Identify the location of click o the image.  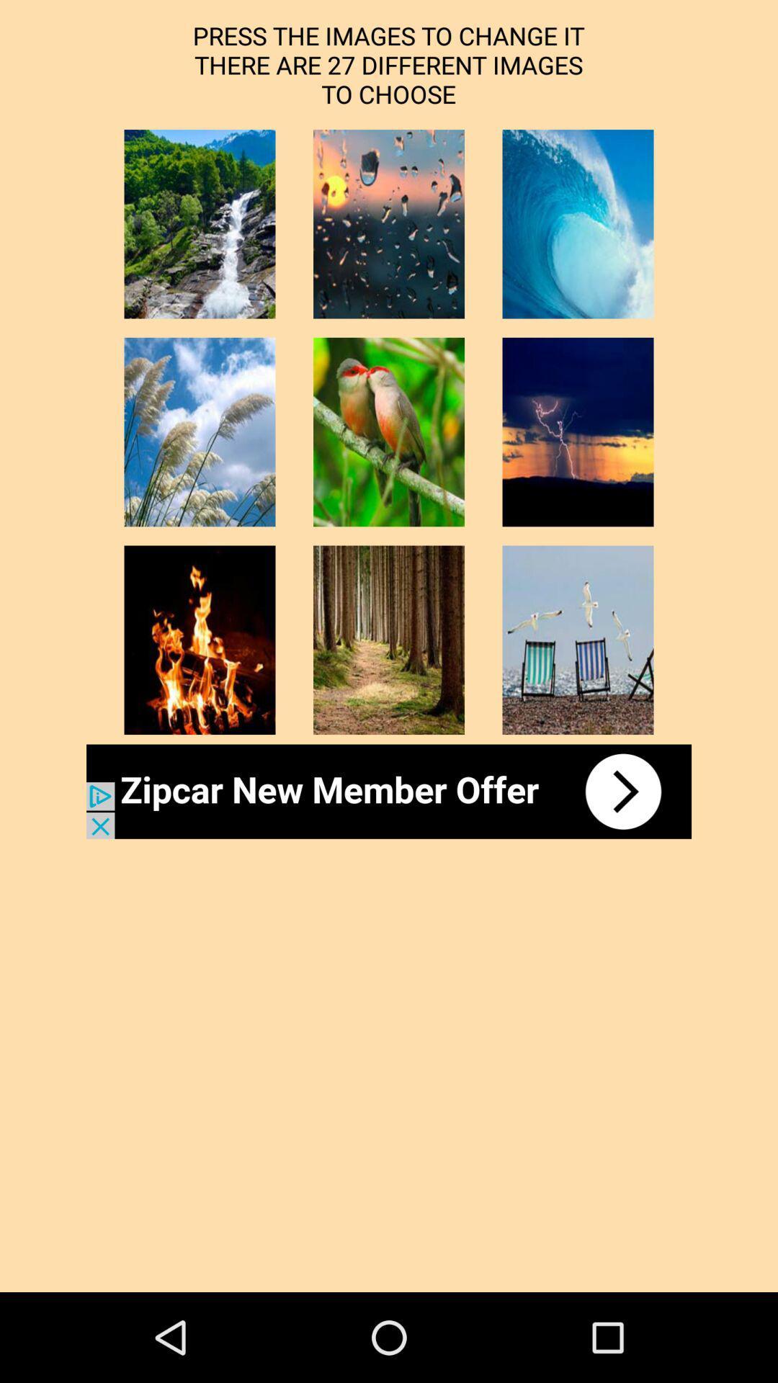
(389, 431).